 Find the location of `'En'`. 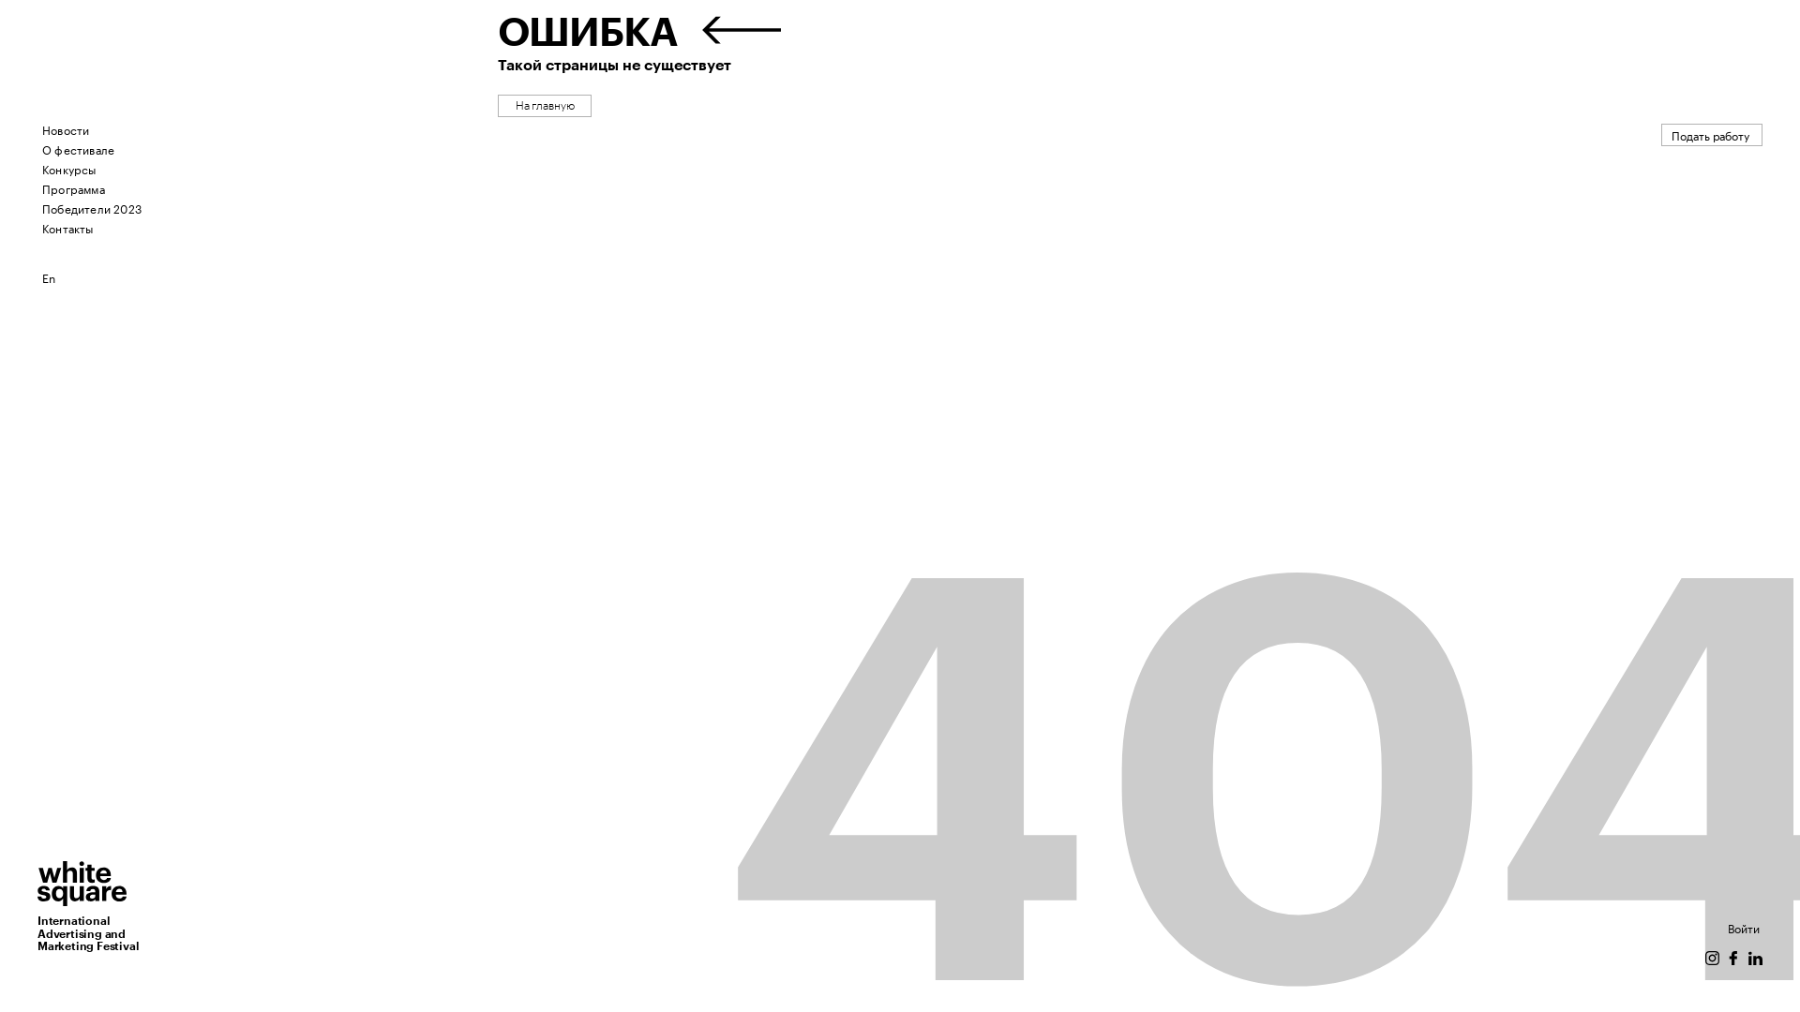

'En' is located at coordinates (49, 276).